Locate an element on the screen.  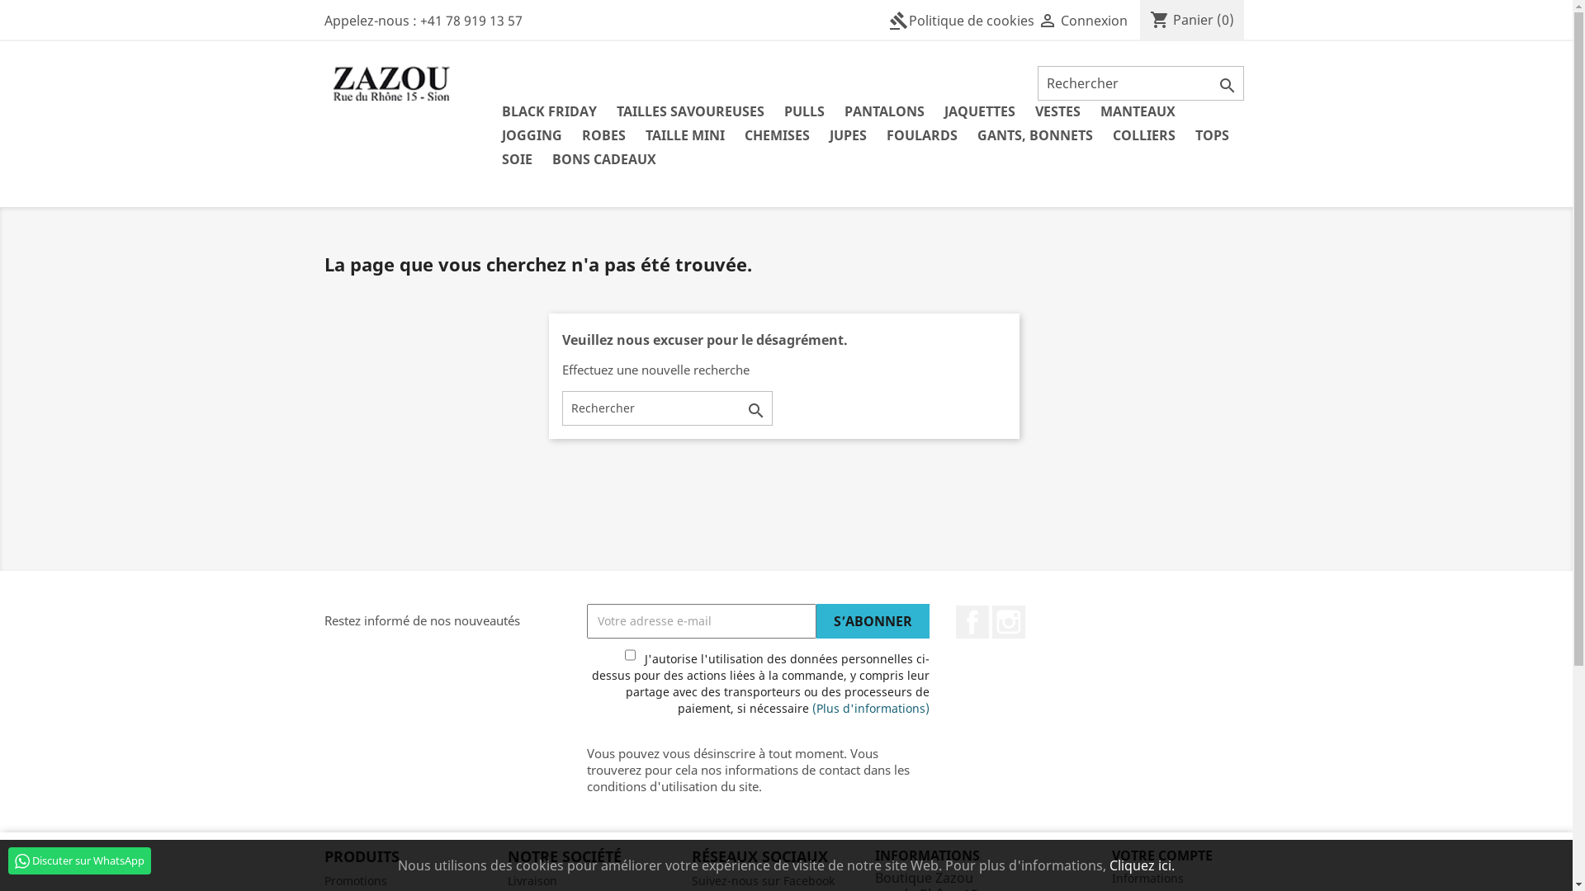
'CHEMISES' is located at coordinates (776, 135).